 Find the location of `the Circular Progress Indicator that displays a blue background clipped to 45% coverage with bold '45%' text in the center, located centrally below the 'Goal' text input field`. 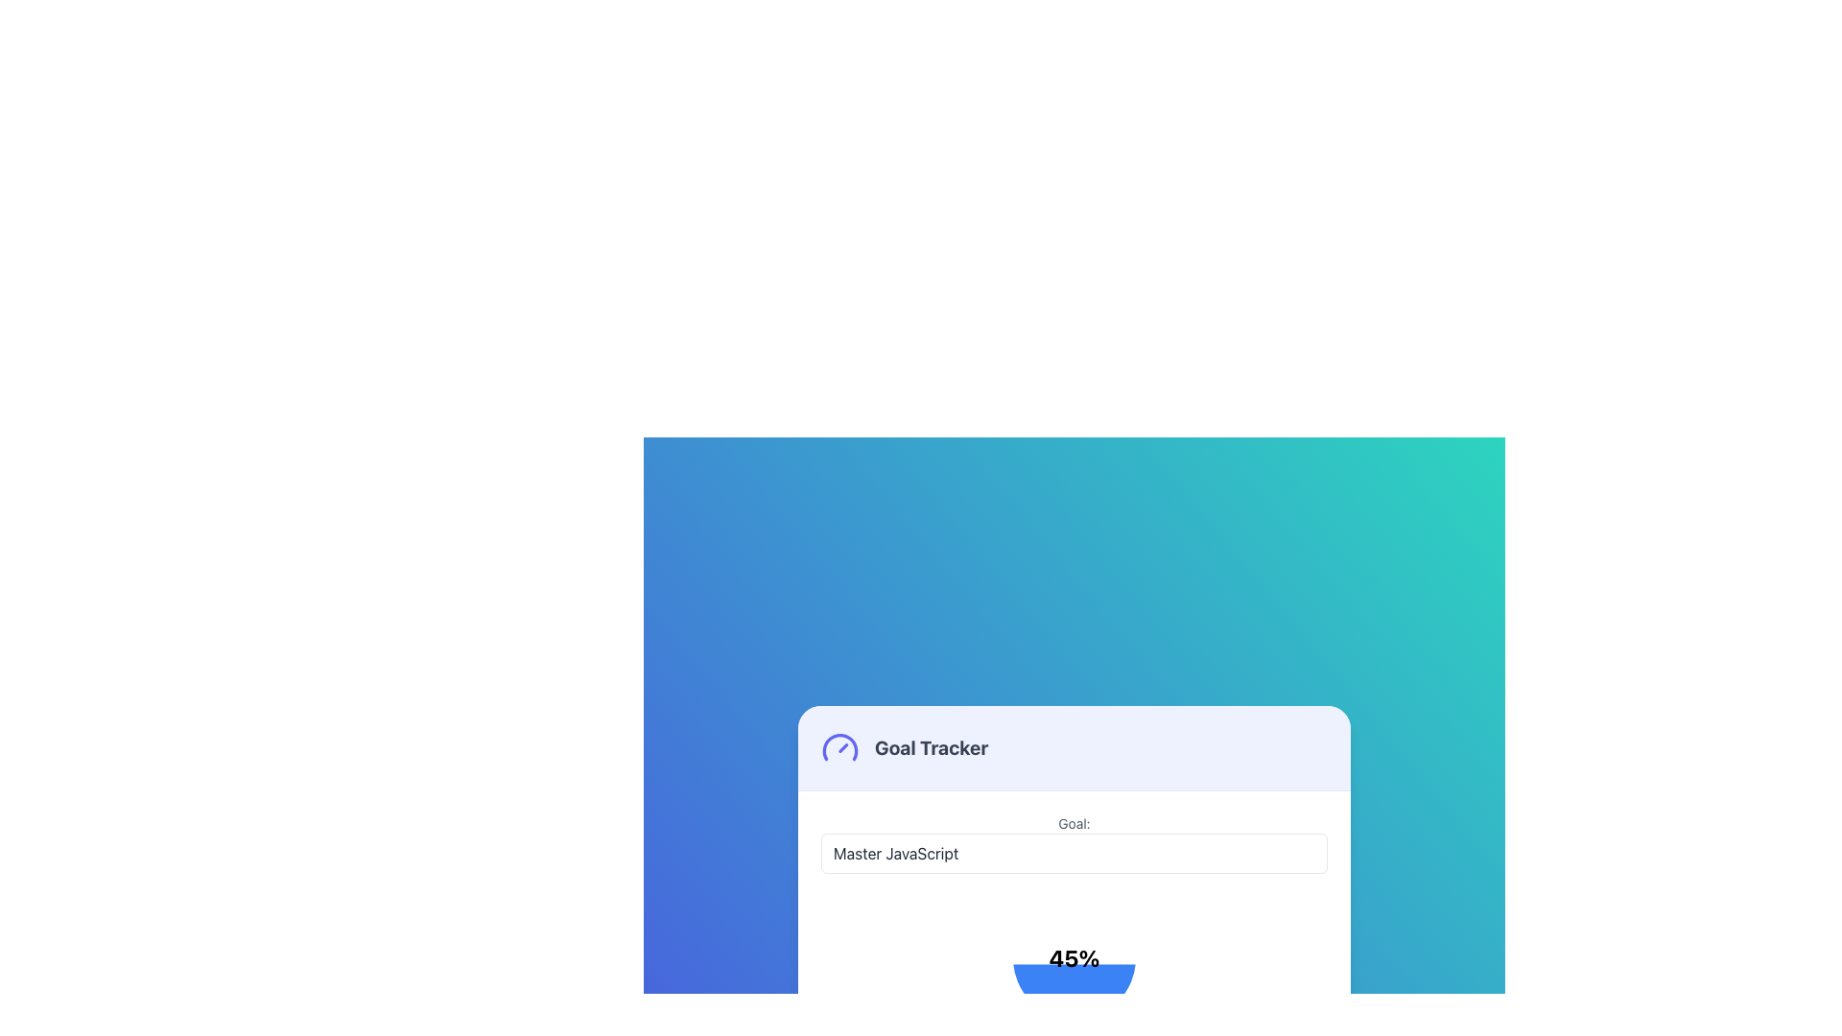

the Circular Progress Indicator that displays a blue background clipped to 45% coverage with bold '45%' text in the center, located centrally below the 'Goal' text input field is located at coordinates (1073, 958).